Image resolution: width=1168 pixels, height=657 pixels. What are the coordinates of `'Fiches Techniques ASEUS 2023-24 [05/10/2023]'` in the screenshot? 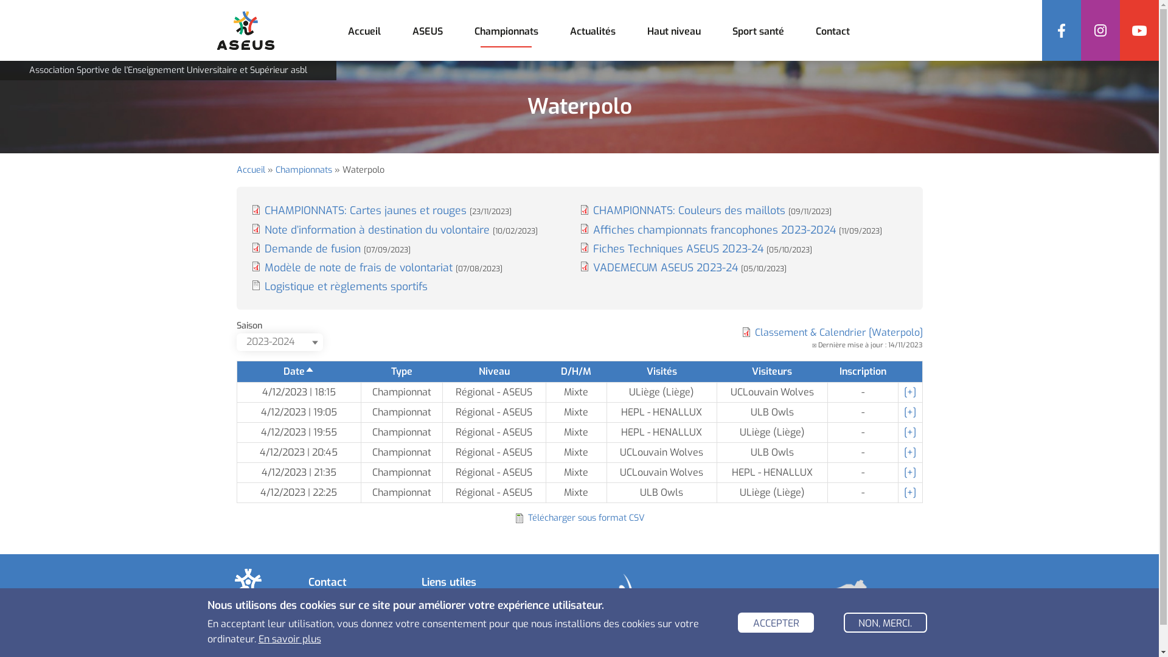 It's located at (695, 248).